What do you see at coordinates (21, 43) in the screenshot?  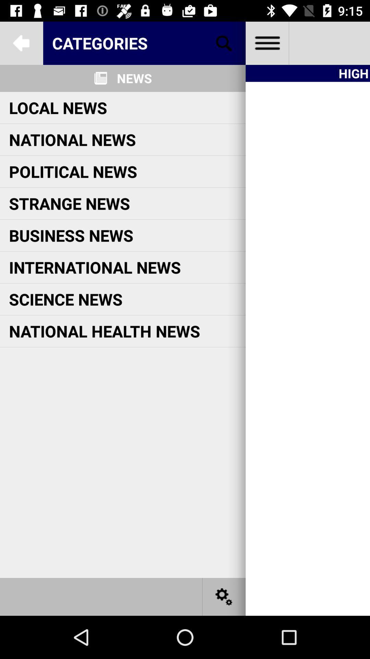 I see `goes back` at bounding box center [21, 43].